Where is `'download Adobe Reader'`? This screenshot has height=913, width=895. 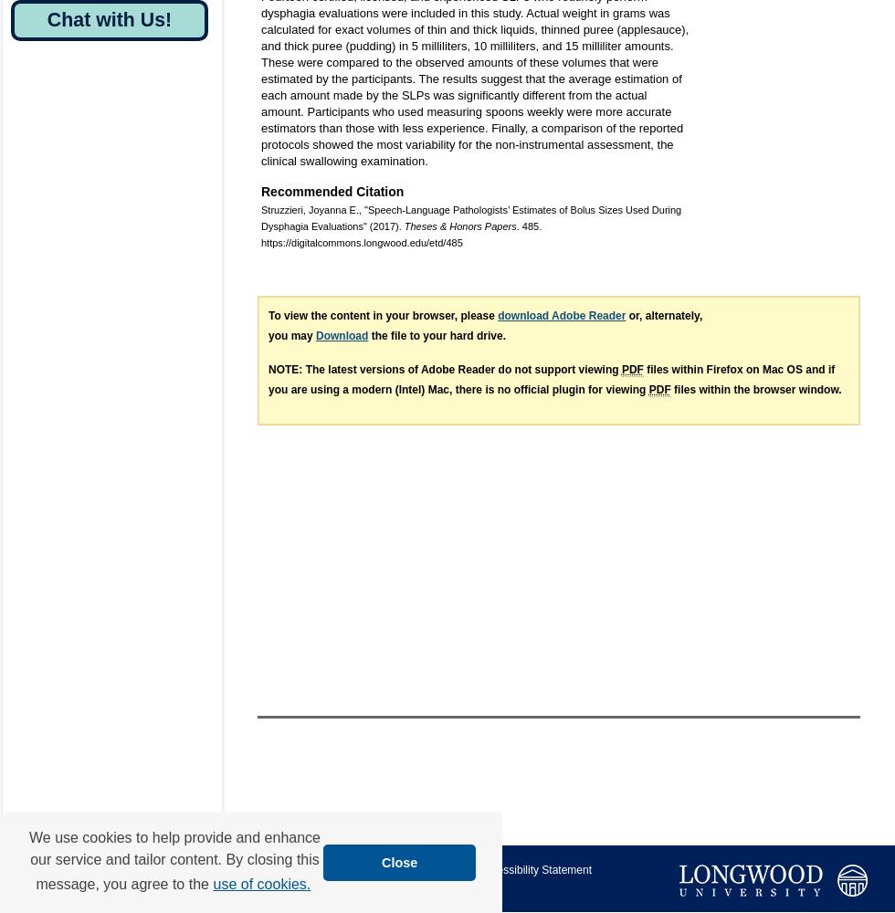
'download Adobe Reader' is located at coordinates (562, 314).